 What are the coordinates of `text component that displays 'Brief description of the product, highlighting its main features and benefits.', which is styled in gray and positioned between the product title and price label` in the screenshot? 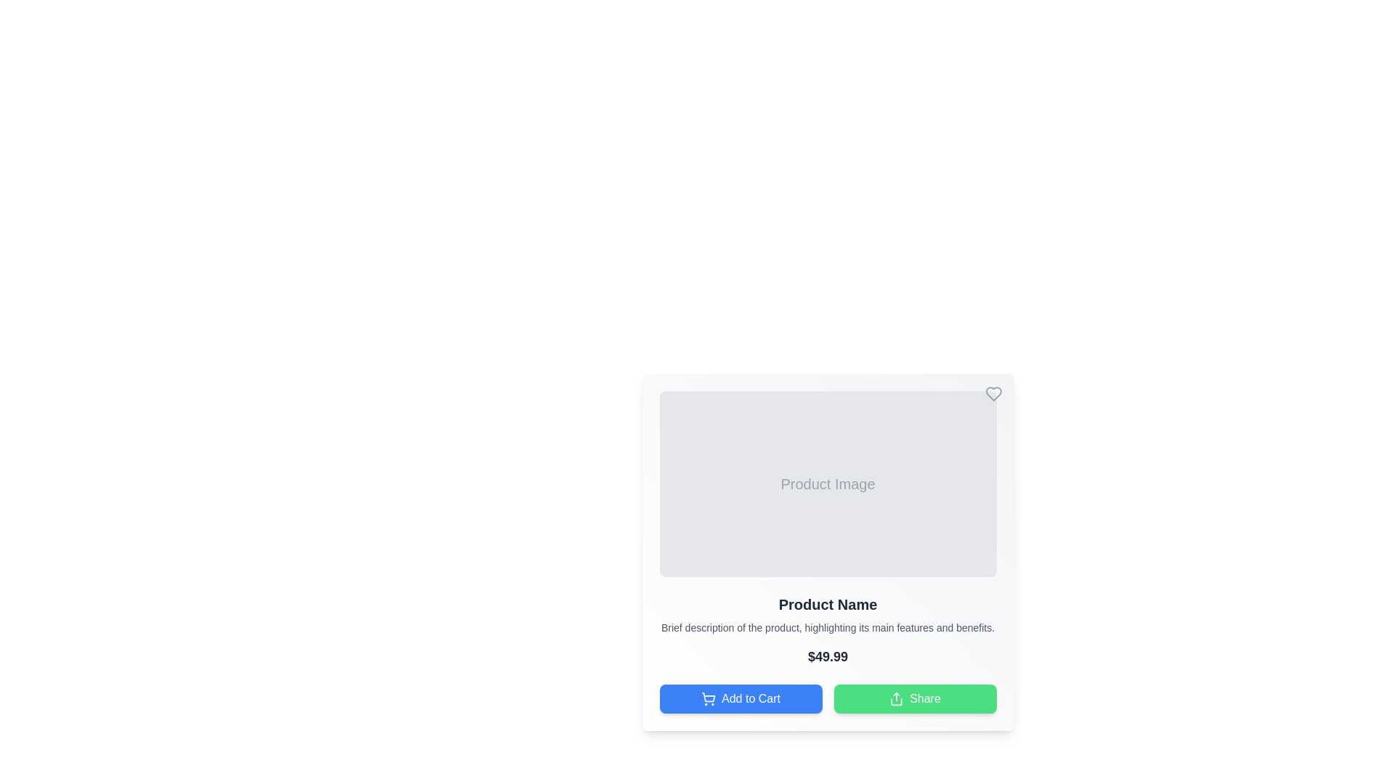 It's located at (828, 626).